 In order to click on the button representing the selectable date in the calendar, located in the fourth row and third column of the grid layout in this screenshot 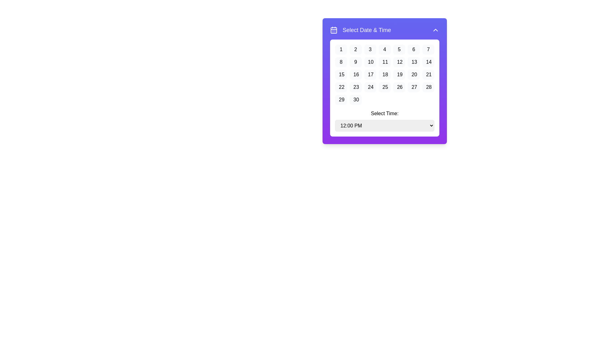, I will do `click(370, 87)`.